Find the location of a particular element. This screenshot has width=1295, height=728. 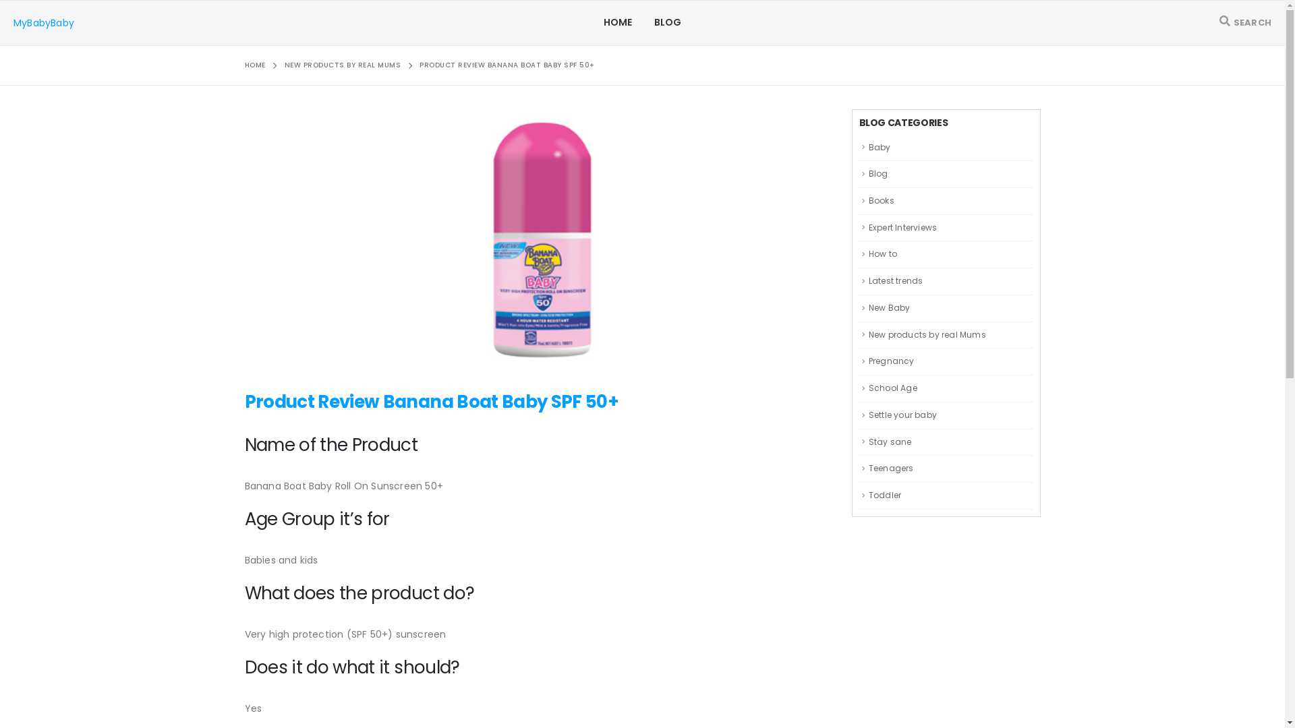

'Teenagers' is located at coordinates (891, 467).